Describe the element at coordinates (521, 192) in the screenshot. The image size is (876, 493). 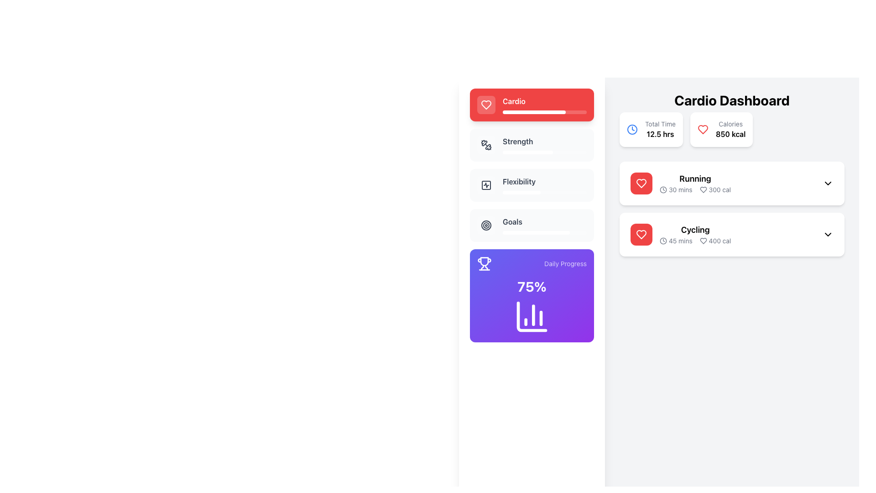
I see `the progress bar located in the left panel beneath the heading 'Flexibility' to monitor progress` at that location.